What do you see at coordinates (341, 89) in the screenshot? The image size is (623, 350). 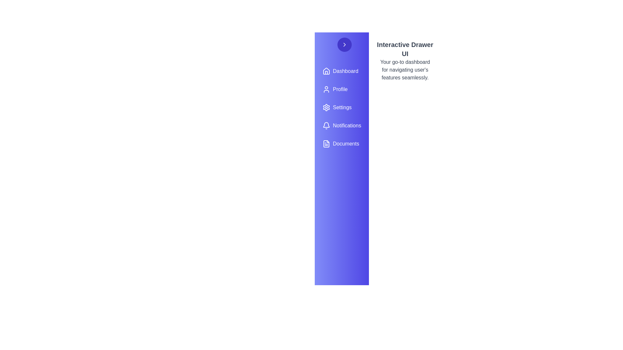 I see `the menu item Profile` at bounding box center [341, 89].